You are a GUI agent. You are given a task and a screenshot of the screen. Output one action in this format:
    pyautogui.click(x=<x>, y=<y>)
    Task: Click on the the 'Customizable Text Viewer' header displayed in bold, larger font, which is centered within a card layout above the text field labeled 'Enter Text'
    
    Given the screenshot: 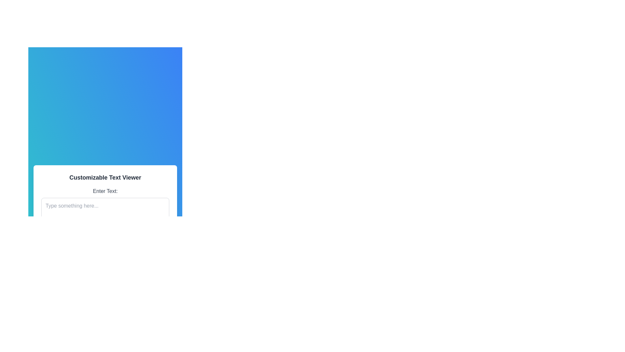 What is the action you would take?
    pyautogui.click(x=105, y=177)
    